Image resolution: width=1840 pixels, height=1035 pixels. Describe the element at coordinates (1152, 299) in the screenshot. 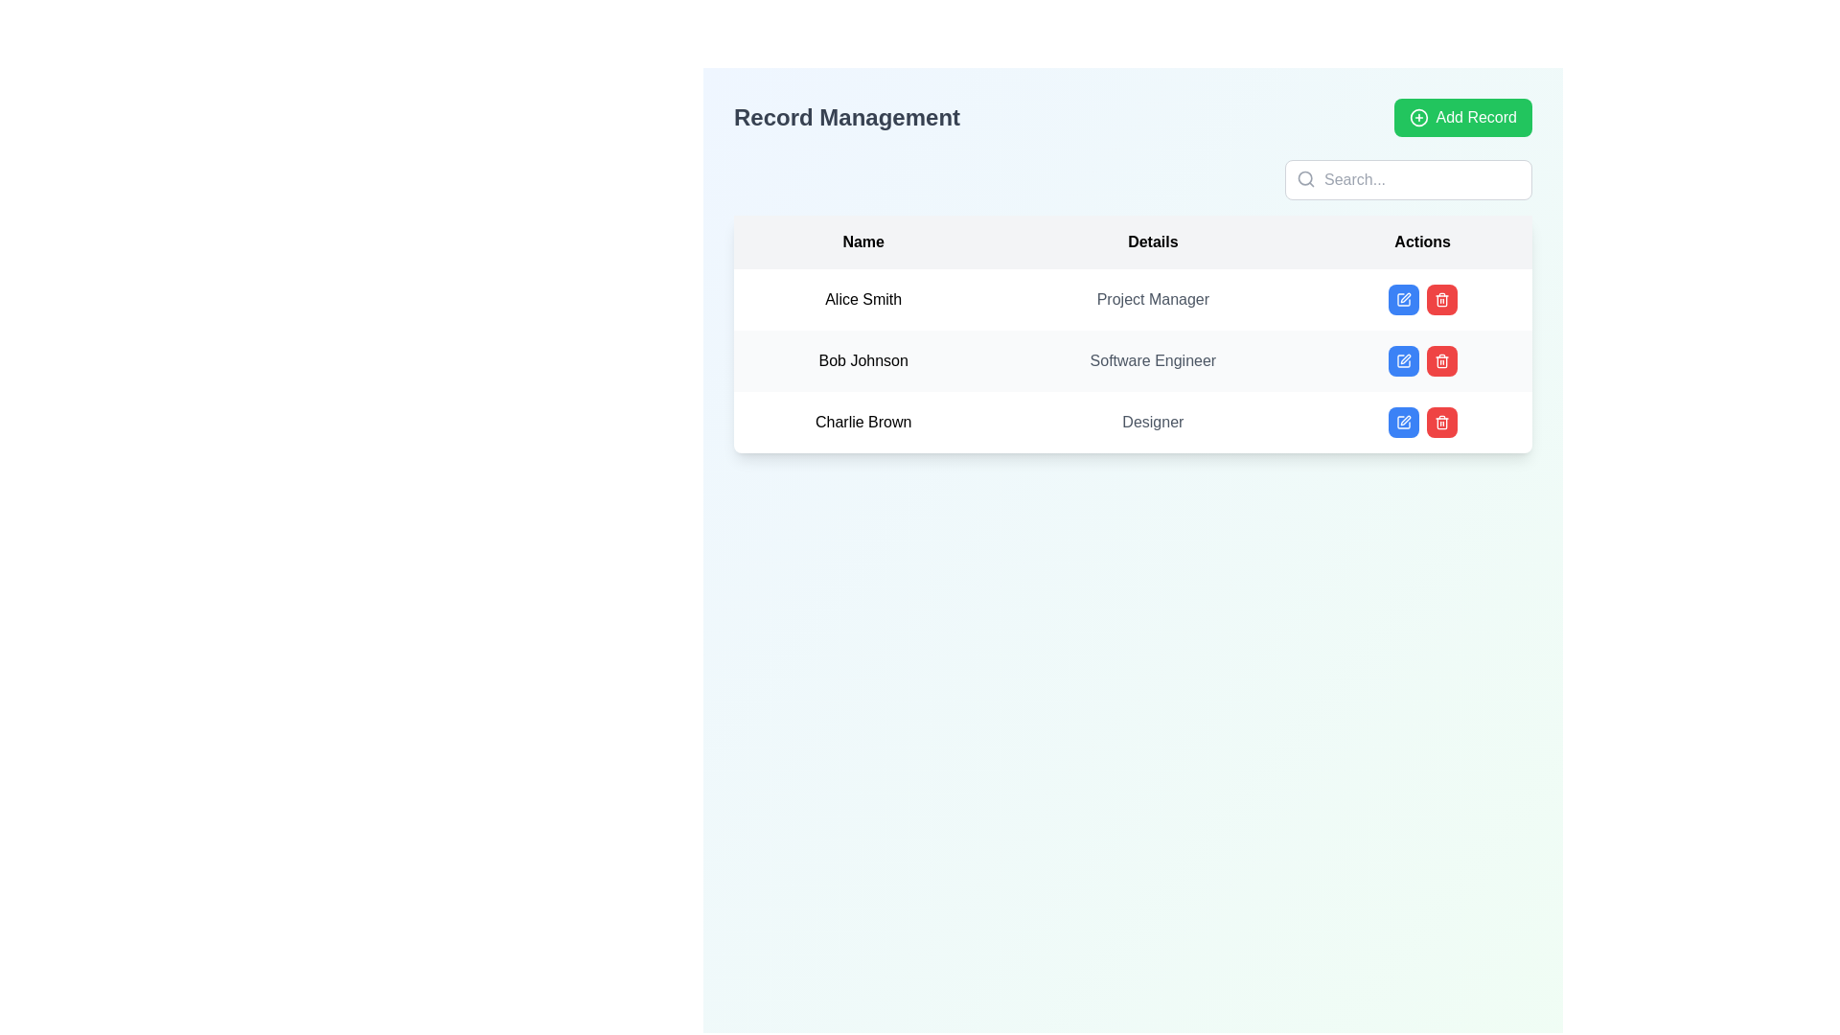

I see `text content of the 'Project Manager' label located in the 'Details' column, which is the first entry under 'Details' corresponding to 'Alice Smith' in the 'Name' column` at that location.